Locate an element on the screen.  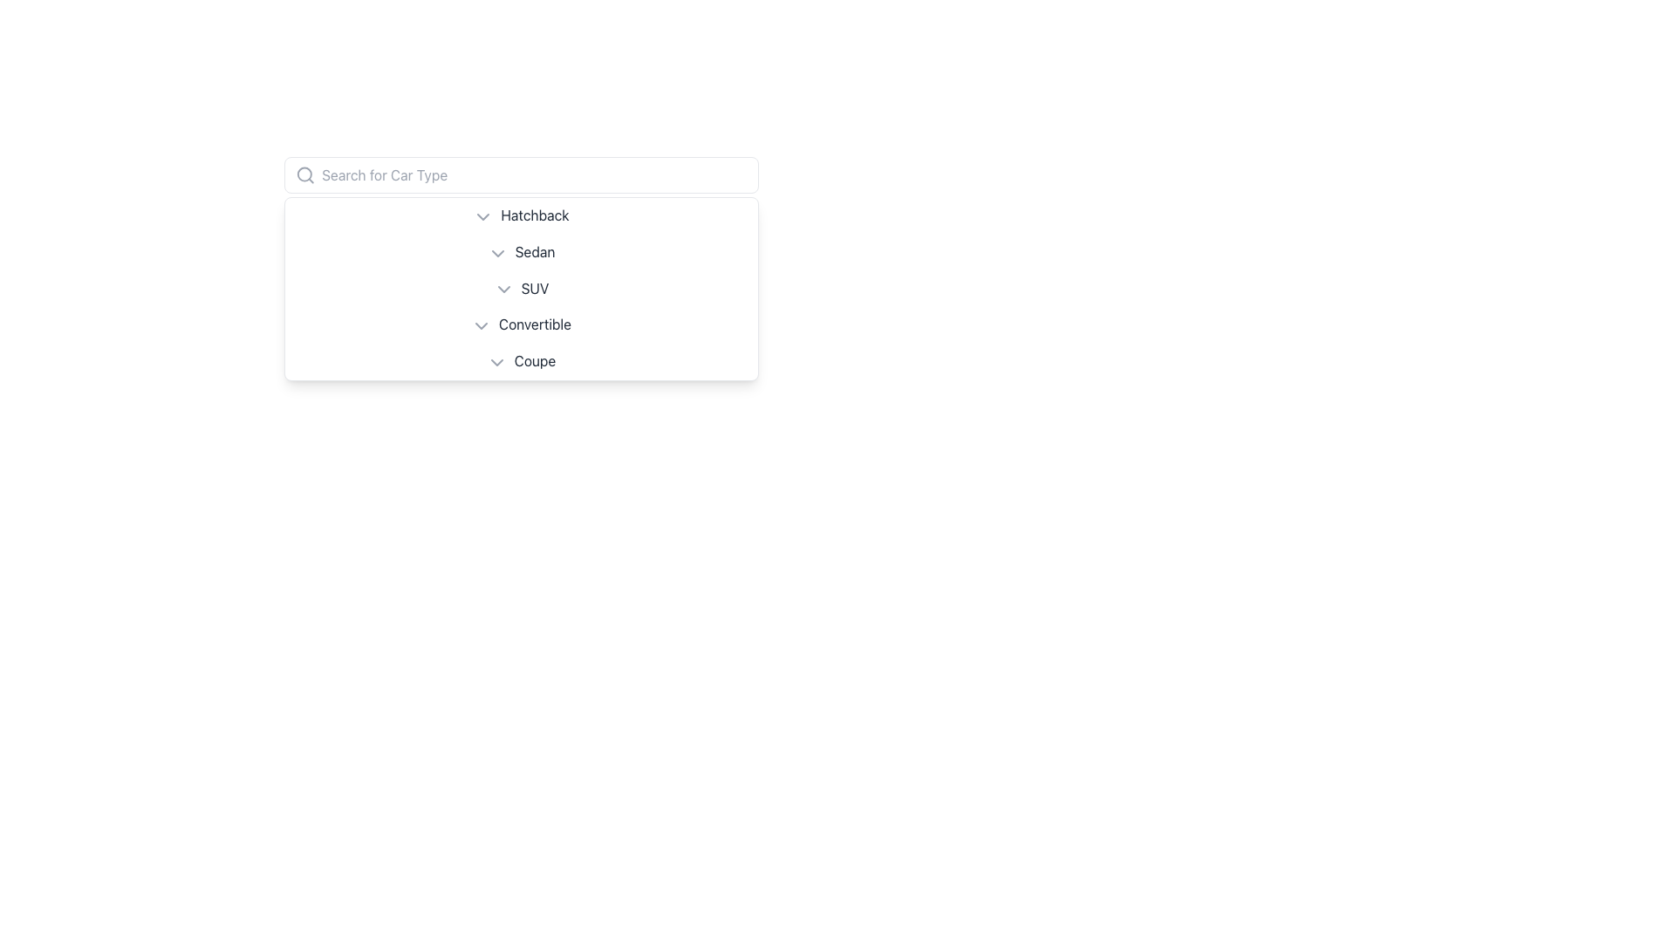
to select the 'Sedan' option from the dropdown menu, which is visually represented with the text 'Sedan' and a chevron-down icon, located below 'Hatchback' and above 'SUV' is located at coordinates (520, 252).